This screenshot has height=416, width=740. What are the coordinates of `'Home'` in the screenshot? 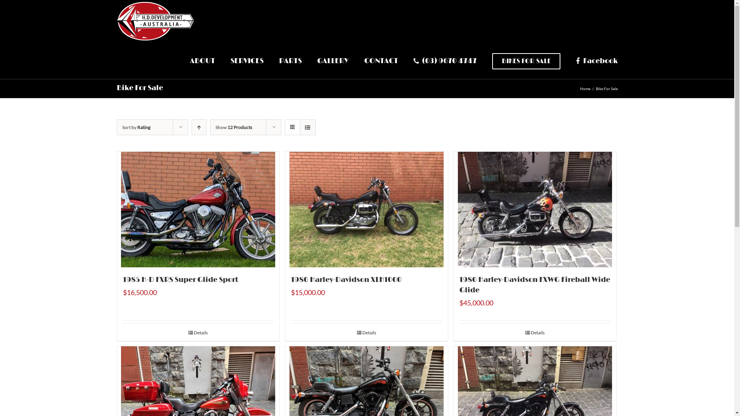 It's located at (585, 88).